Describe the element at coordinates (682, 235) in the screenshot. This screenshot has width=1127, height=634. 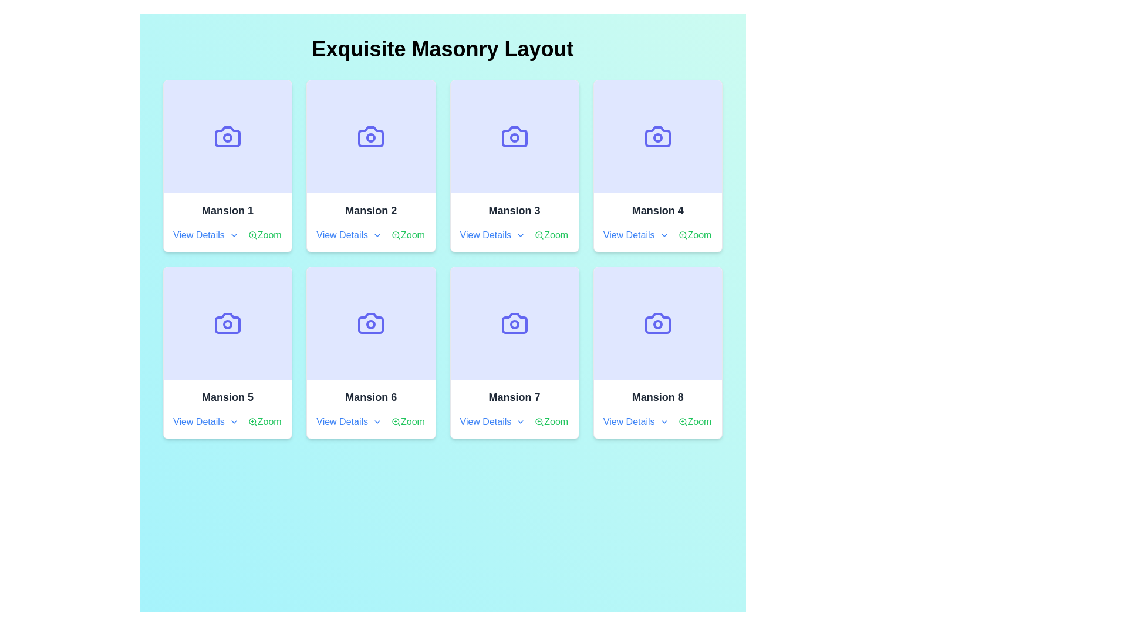
I see `circular part of the magnifying glass symbol in the zoom control icon associated with the 'Mansion 4' card, located in the fourth column of the first row, using browser developer tools` at that location.